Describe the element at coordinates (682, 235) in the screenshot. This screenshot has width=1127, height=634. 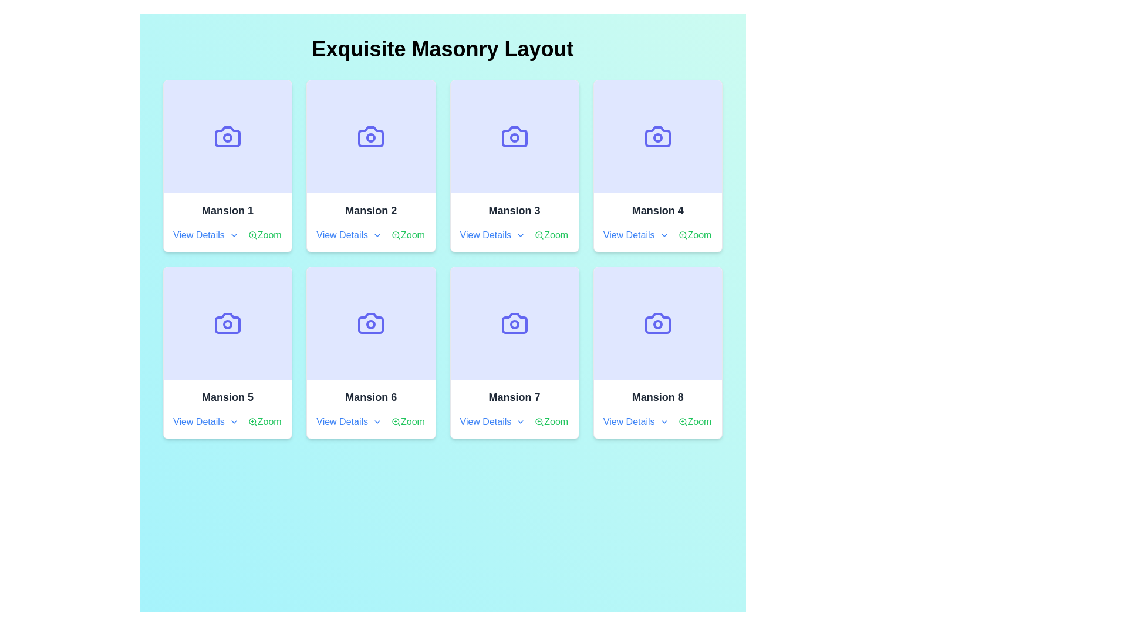
I see `circular part of the magnifying glass symbol in the zoom control icon associated with the 'Mansion 4' card, located in the fourth column of the first row, using browser developer tools` at that location.